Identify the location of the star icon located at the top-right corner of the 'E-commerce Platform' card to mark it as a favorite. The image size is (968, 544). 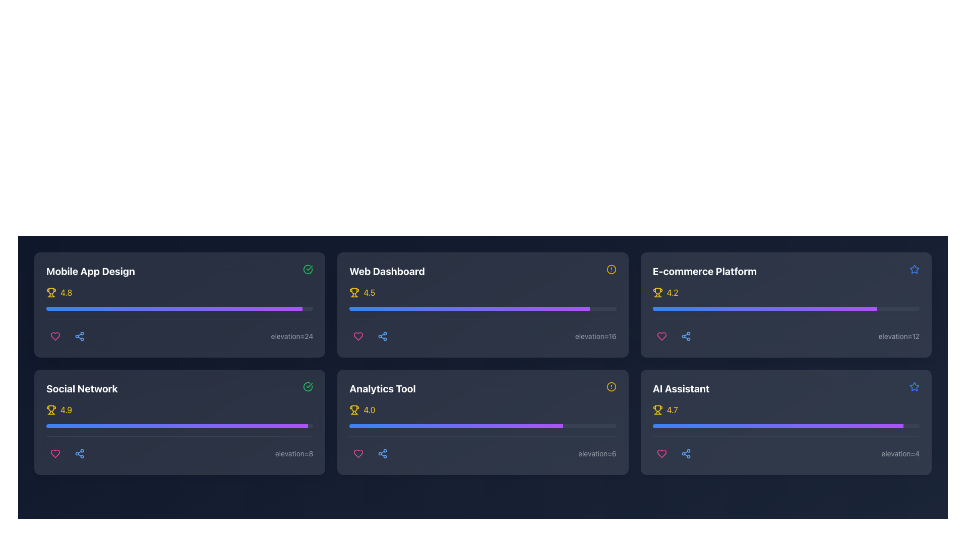
(915, 269).